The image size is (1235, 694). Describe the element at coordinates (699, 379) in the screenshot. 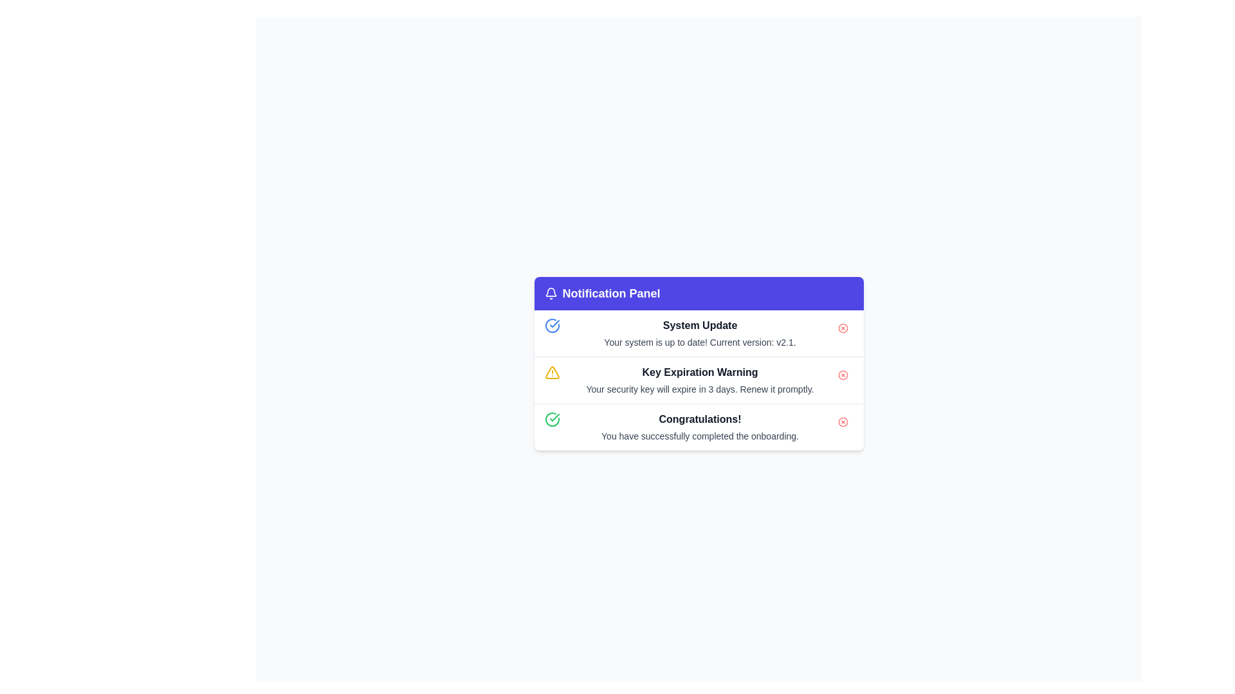

I see `notification message titled 'Key Expiration Warning' which contains the message 'Your security key will expire in 3 days. Renew it promptly.'` at that location.